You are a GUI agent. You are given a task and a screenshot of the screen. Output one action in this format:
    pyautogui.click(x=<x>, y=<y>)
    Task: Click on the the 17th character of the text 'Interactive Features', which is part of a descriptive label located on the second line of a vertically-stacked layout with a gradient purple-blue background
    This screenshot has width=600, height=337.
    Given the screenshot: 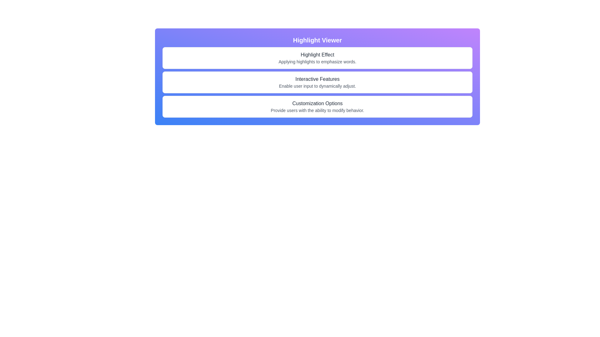 What is the action you would take?
    pyautogui.click(x=333, y=79)
    